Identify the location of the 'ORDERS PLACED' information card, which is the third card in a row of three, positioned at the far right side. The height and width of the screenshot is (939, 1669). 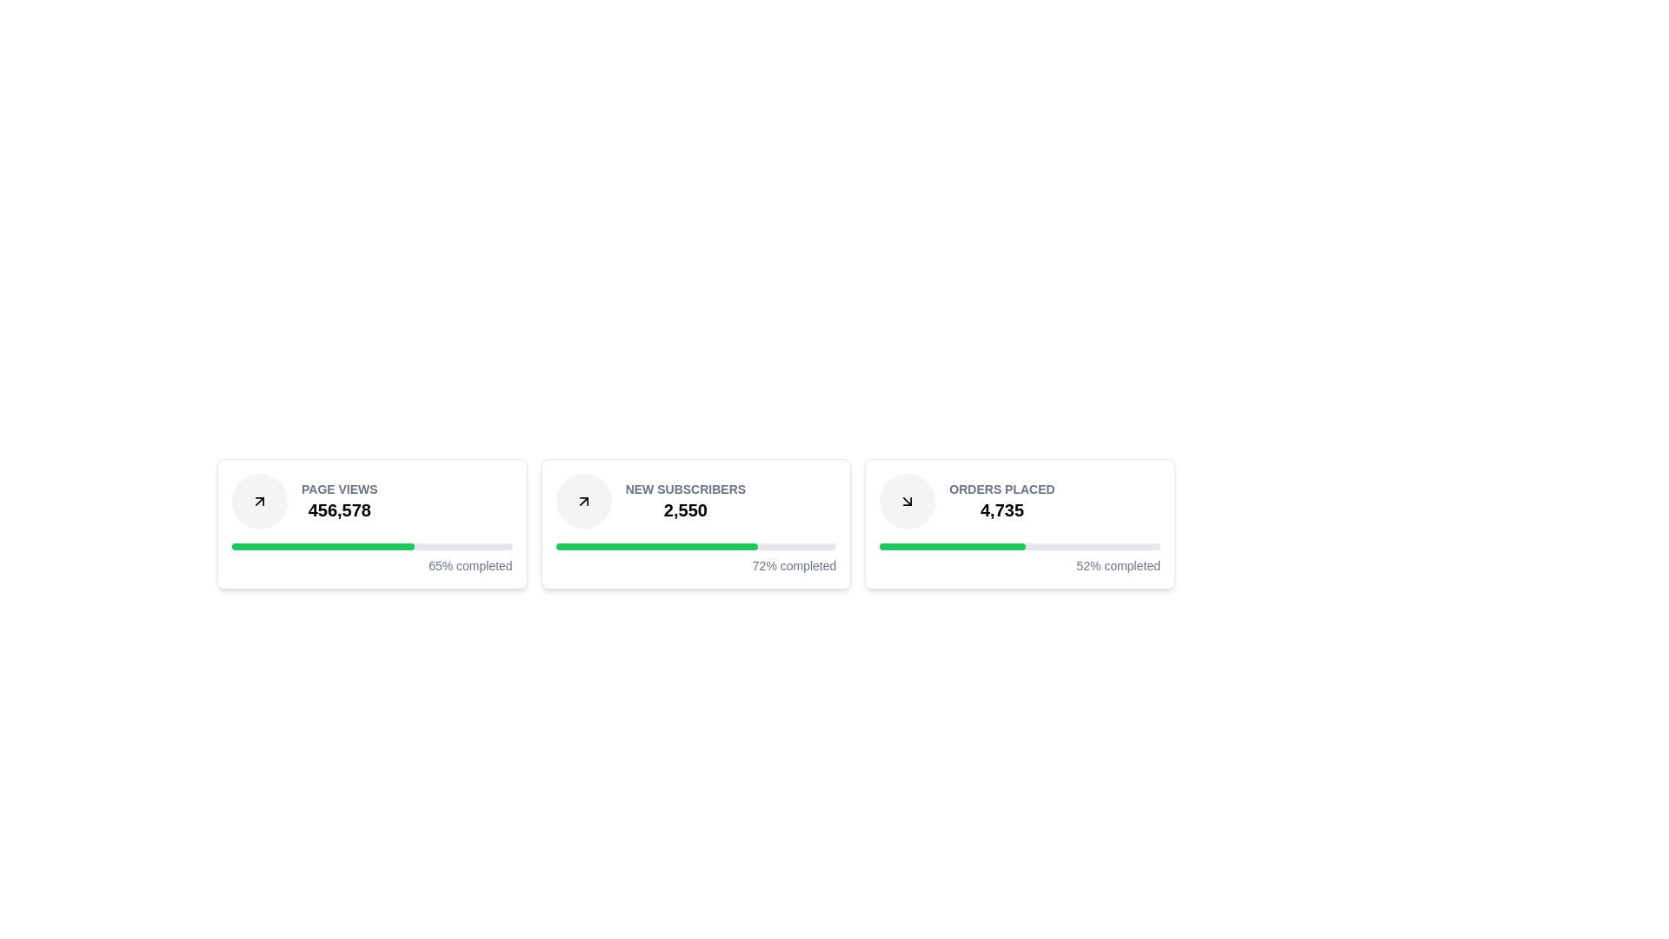
(1020, 523).